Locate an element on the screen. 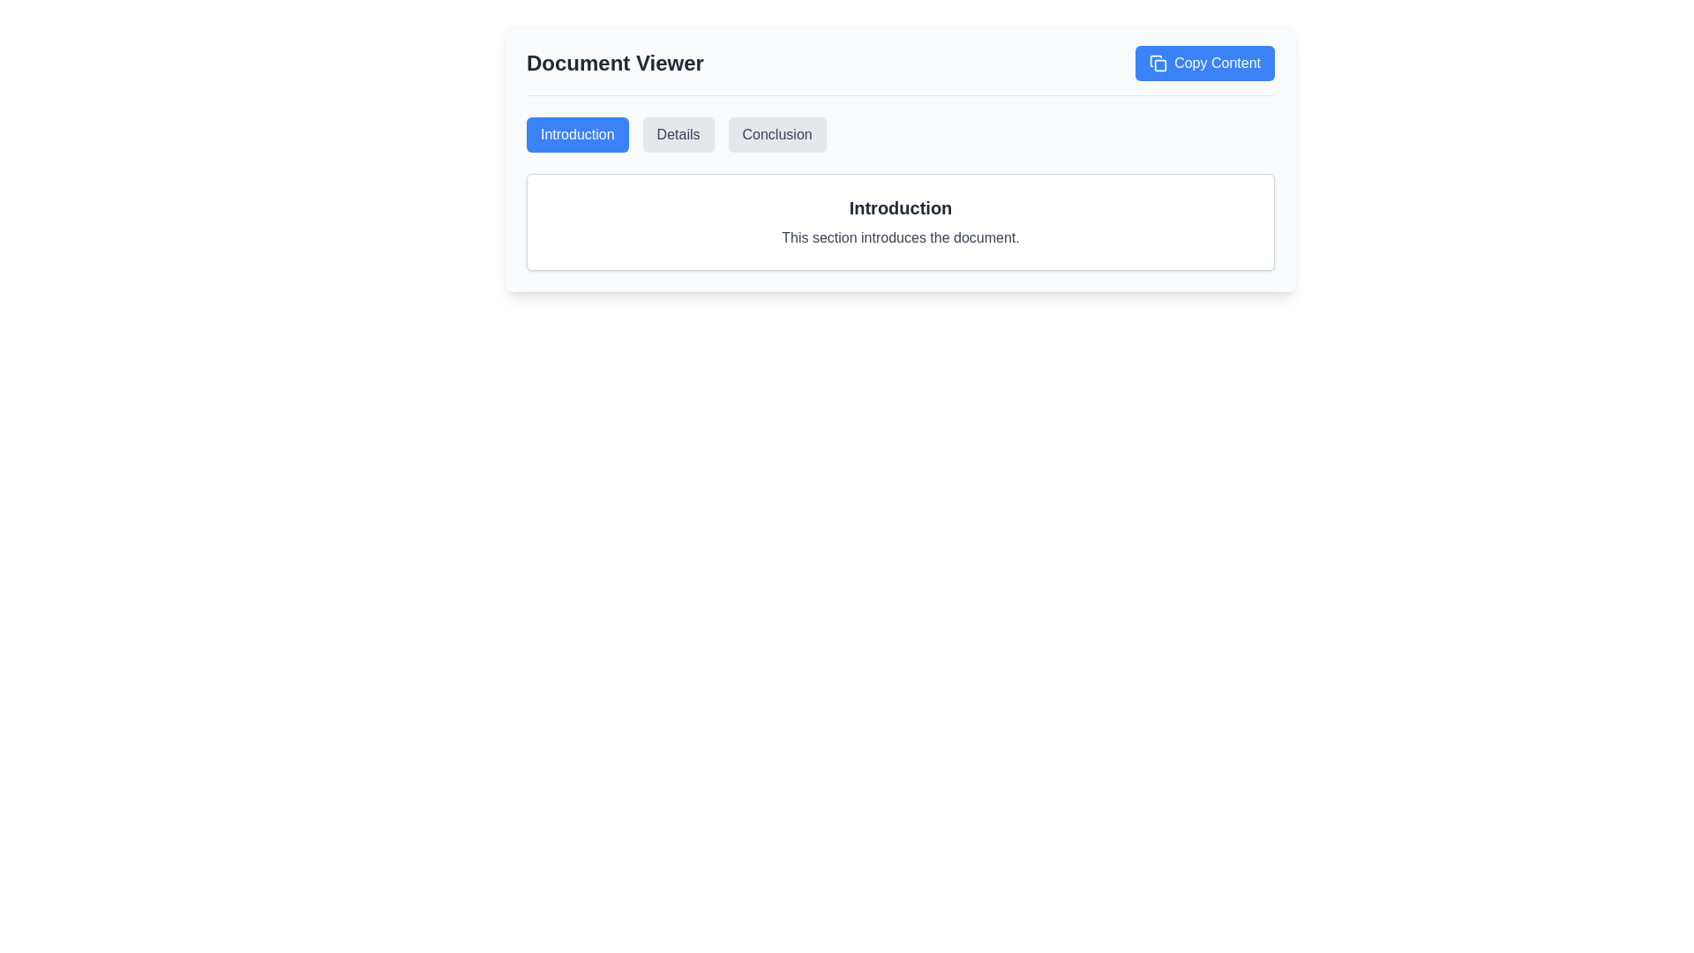 This screenshot has width=1694, height=953. the middle button labeled 'Details' is located at coordinates (678, 134).